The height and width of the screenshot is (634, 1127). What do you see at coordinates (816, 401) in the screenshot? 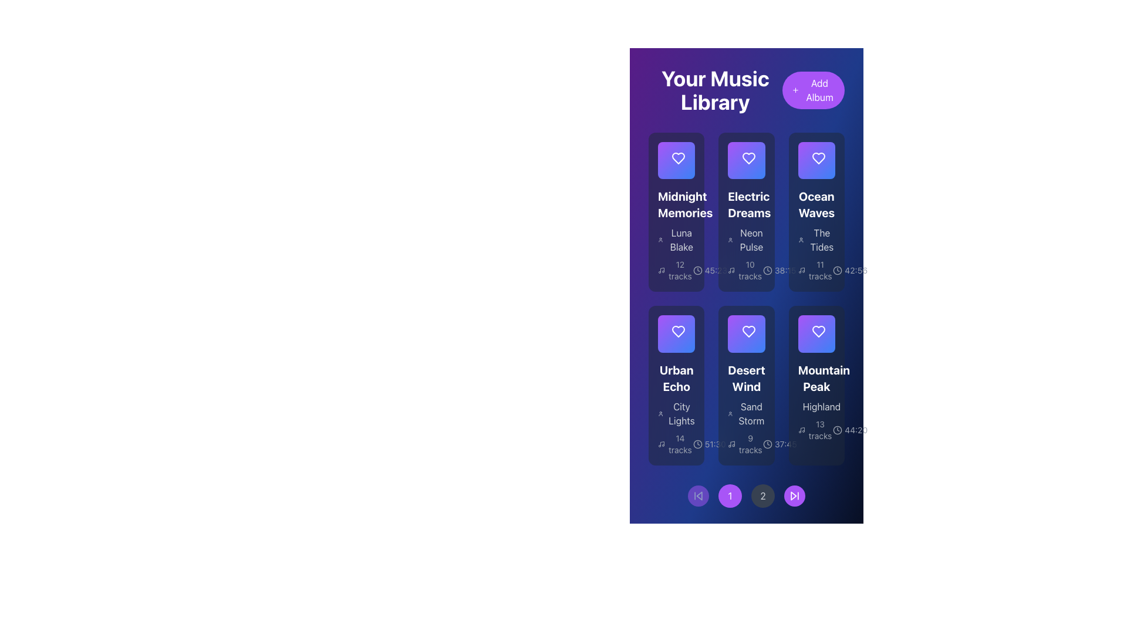
I see `the fourth Informational album or playlist card located in the rightmost column` at bounding box center [816, 401].